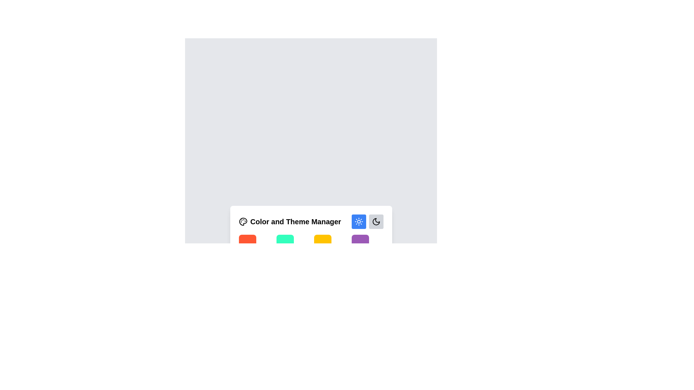 Image resolution: width=694 pixels, height=390 pixels. I want to click on the dark mode toggle button located at the top-right corner of the panel, so click(376, 221).